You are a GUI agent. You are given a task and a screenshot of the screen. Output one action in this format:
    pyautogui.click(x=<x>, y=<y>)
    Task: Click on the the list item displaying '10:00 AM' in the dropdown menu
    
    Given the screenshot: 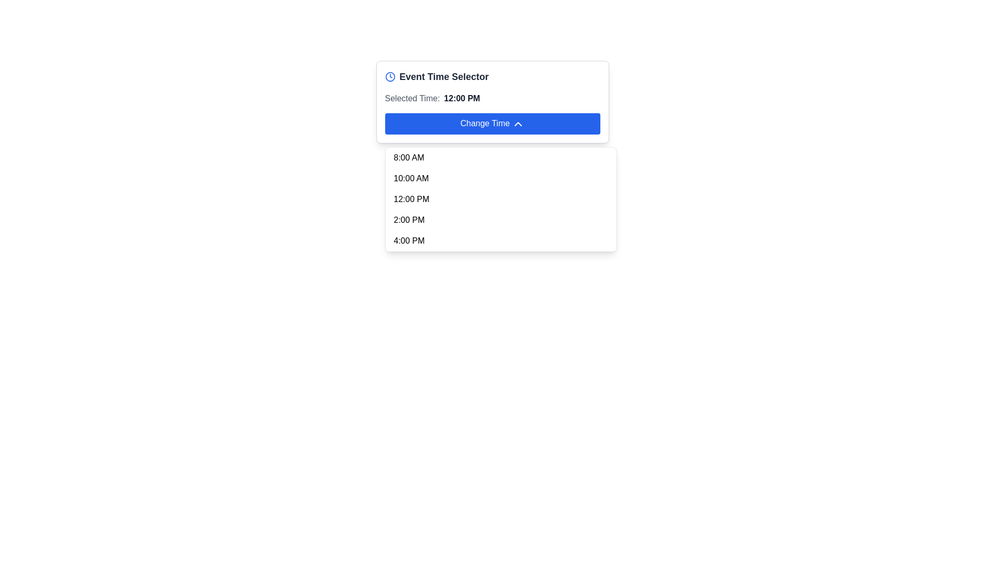 What is the action you would take?
    pyautogui.click(x=501, y=178)
    